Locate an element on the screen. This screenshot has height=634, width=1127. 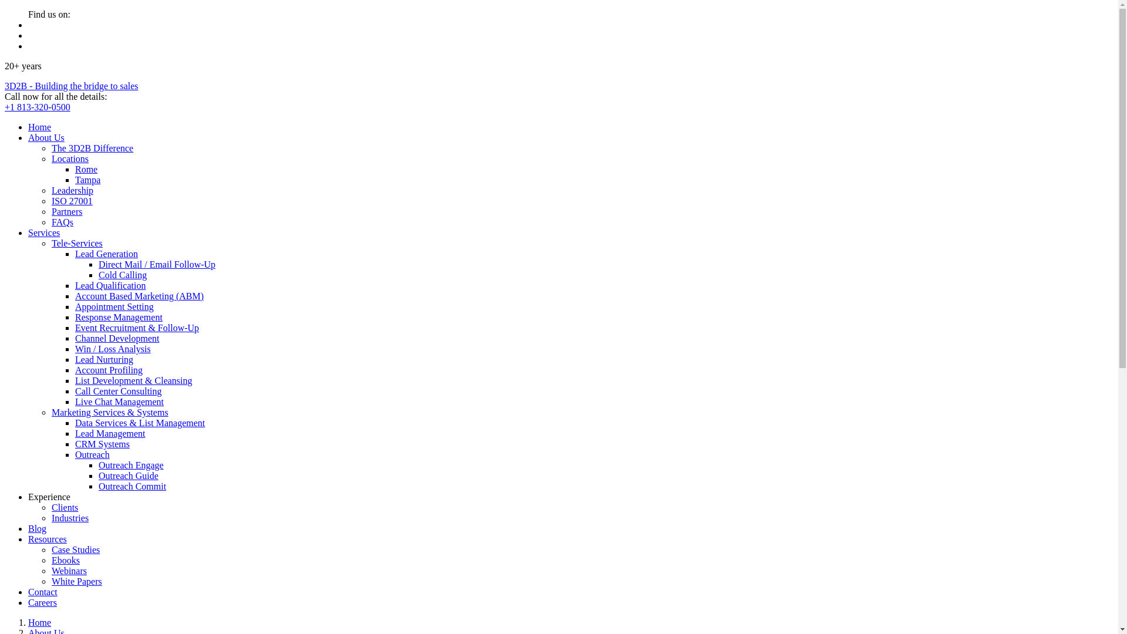
'Appointment Setting' is located at coordinates (114, 306).